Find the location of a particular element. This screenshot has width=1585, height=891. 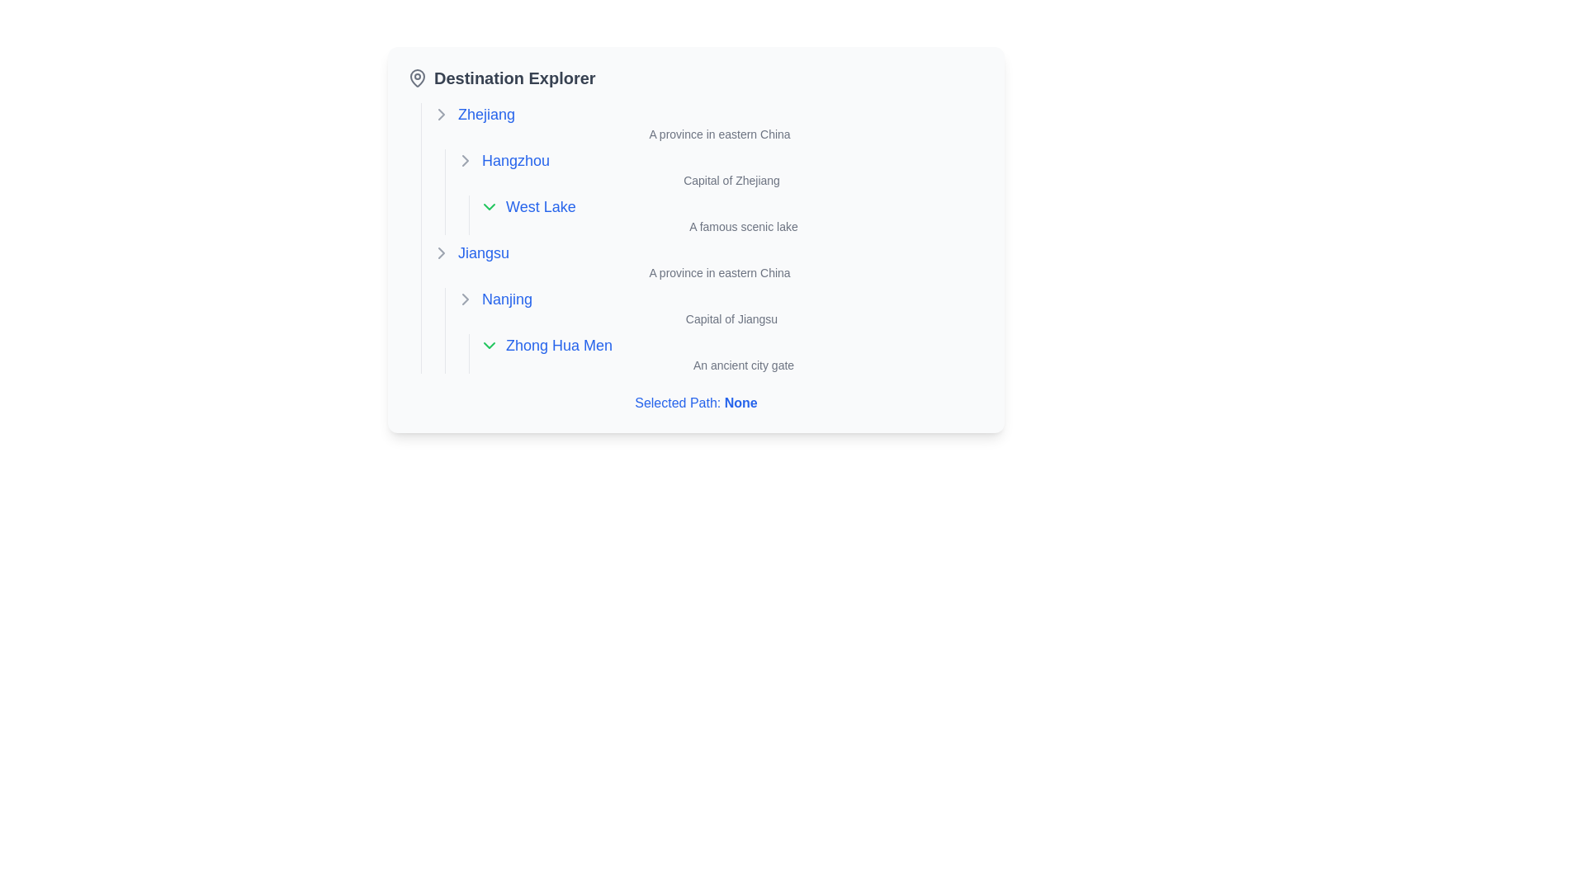

the text link labeled 'Hangzhou', styled in blue is located at coordinates (514, 161).